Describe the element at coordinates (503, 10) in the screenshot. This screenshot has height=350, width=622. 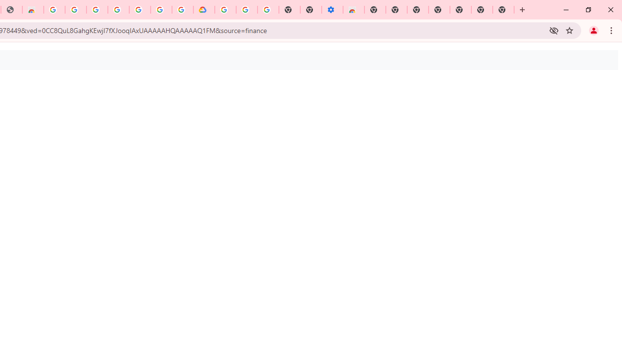
I see `'New Tab'` at that location.